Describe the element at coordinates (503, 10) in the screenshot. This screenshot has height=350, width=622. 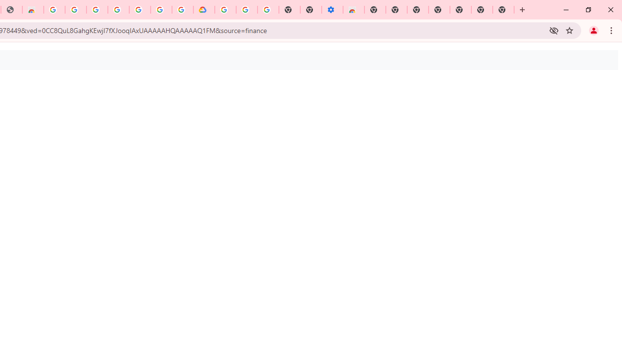
I see `'New Tab'` at that location.